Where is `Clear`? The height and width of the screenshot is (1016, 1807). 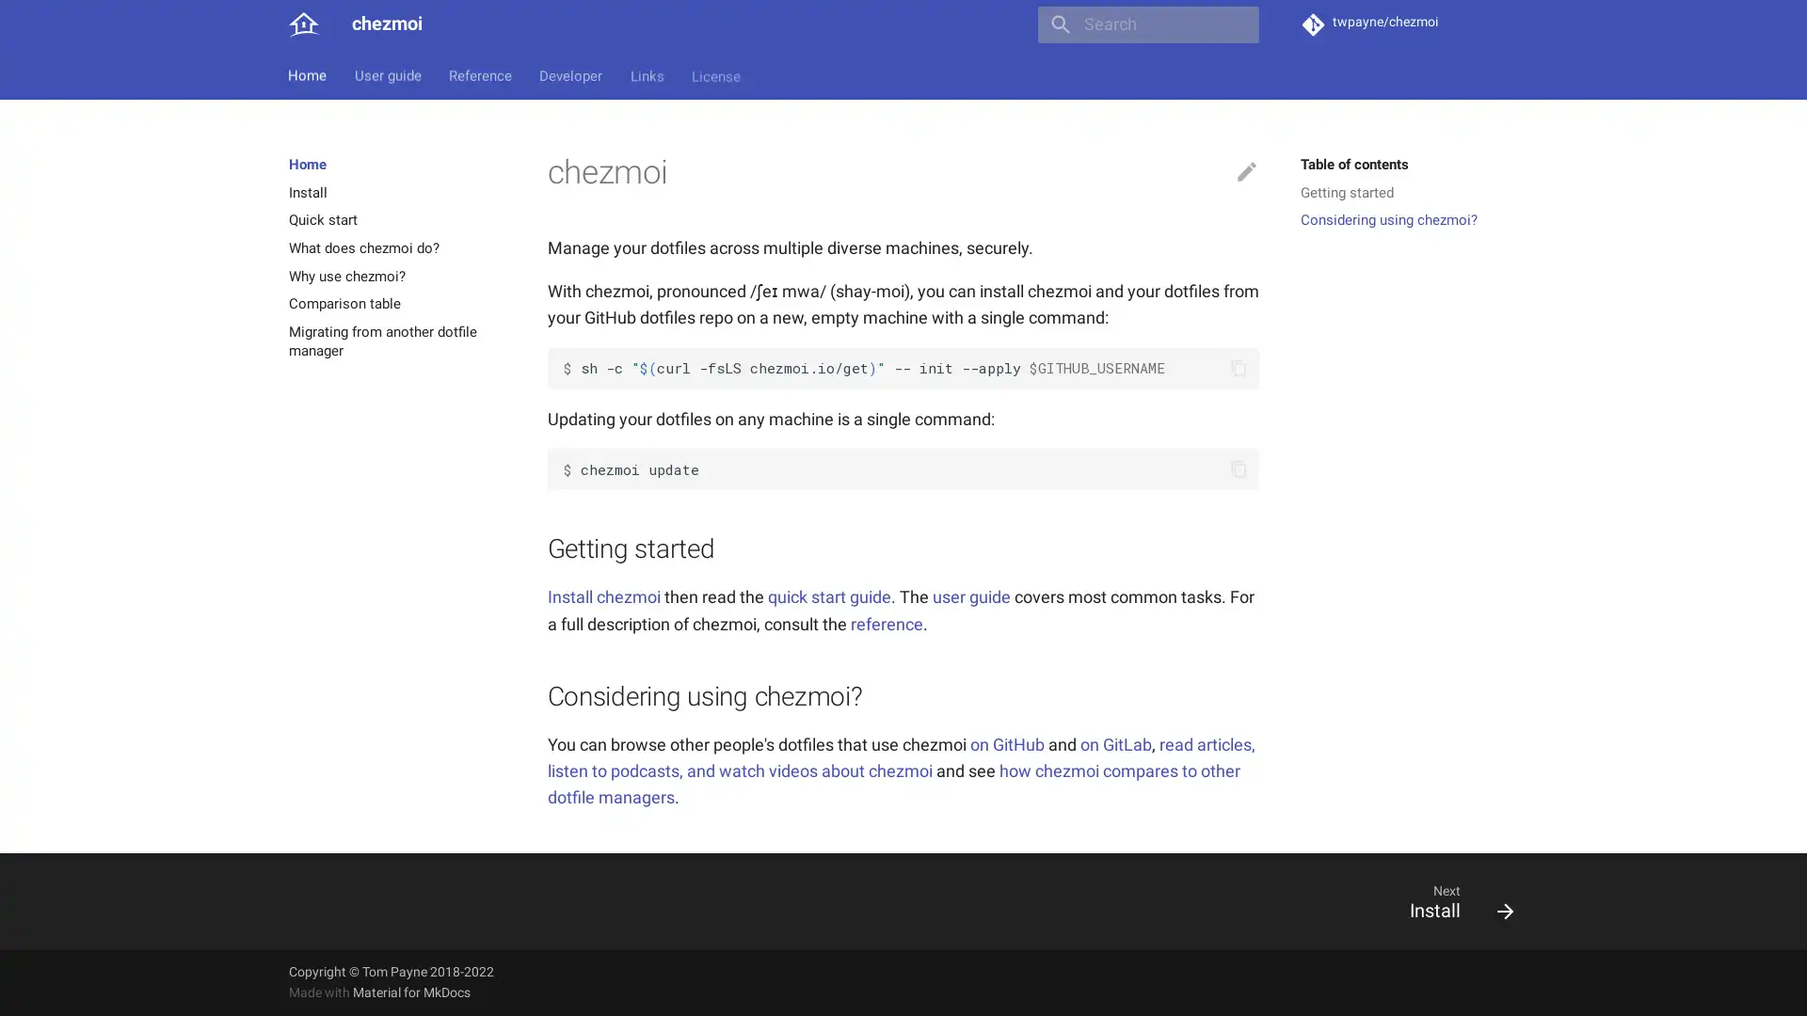
Clear is located at coordinates (1237, 24).